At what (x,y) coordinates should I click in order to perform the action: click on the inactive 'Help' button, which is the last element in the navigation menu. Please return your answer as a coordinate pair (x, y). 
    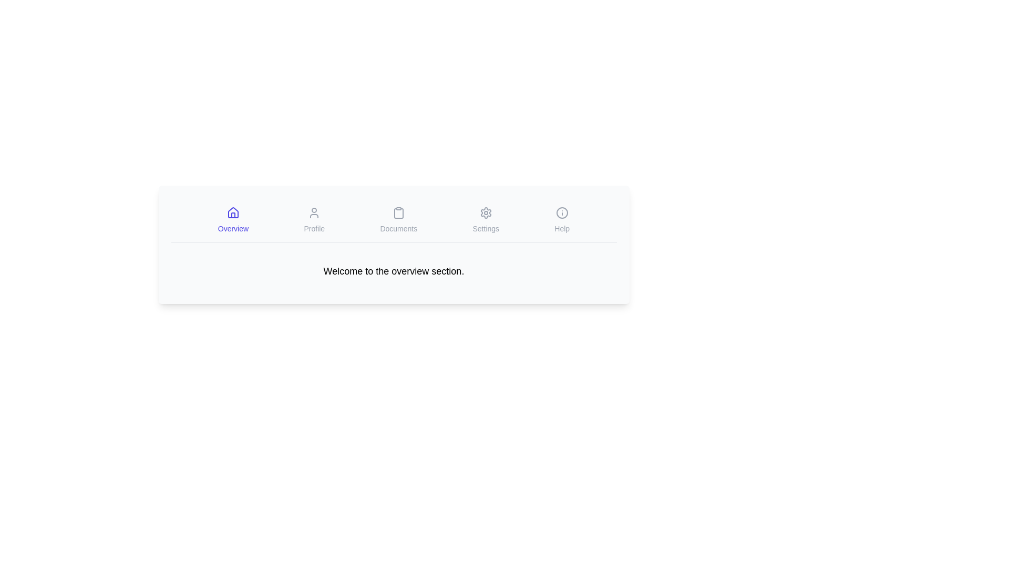
    Looking at the image, I should click on (561, 220).